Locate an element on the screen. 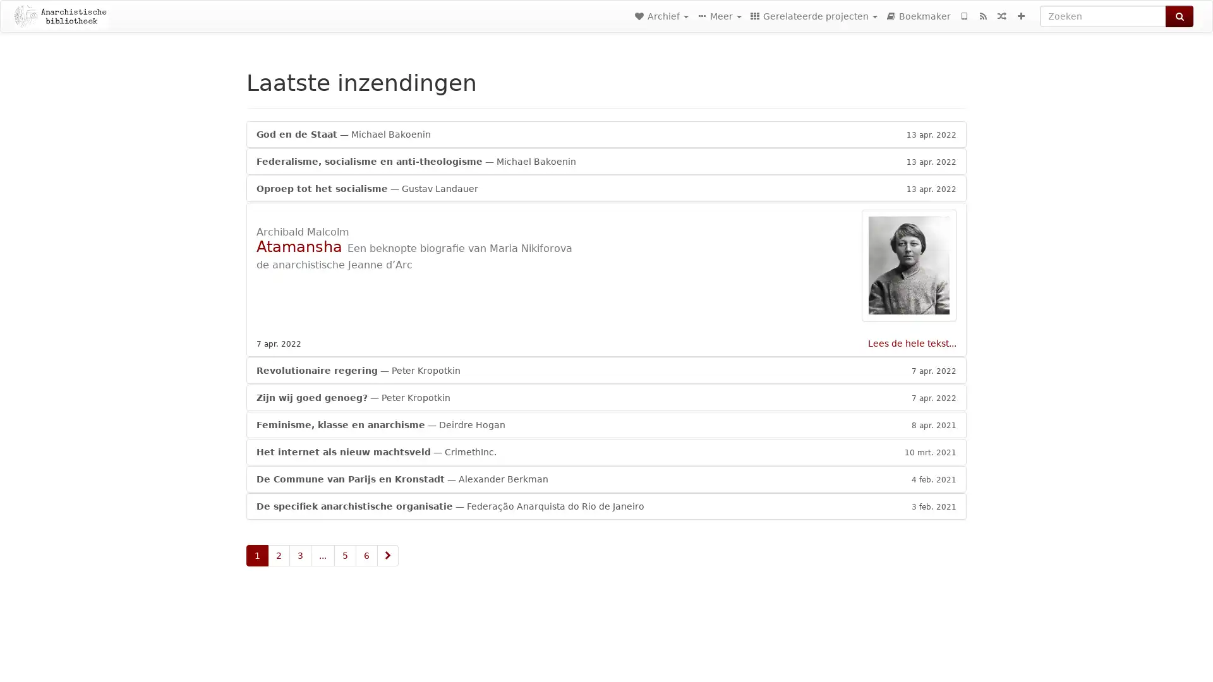 The height and width of the screenshot is (682, 1213). Zoeken is located at coordinates (1179, 16).